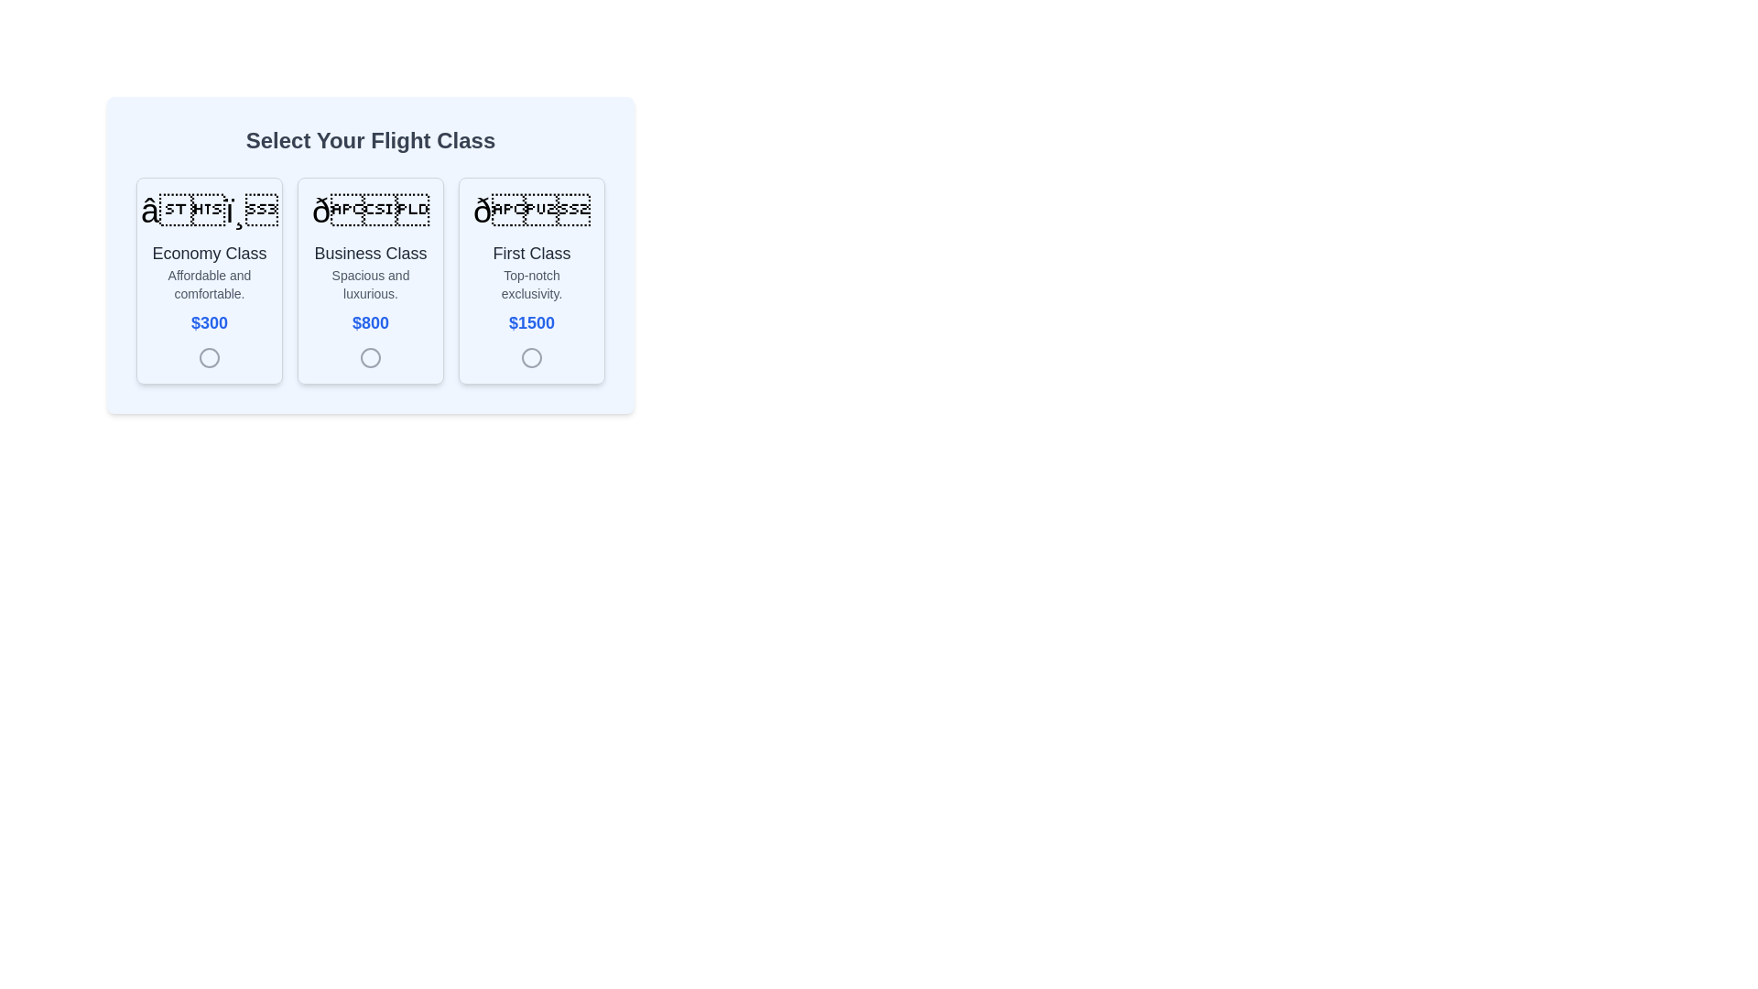  I want to click on the second selectable card component in the grid layout that contains a heading, description, and price, so click(369, 281).